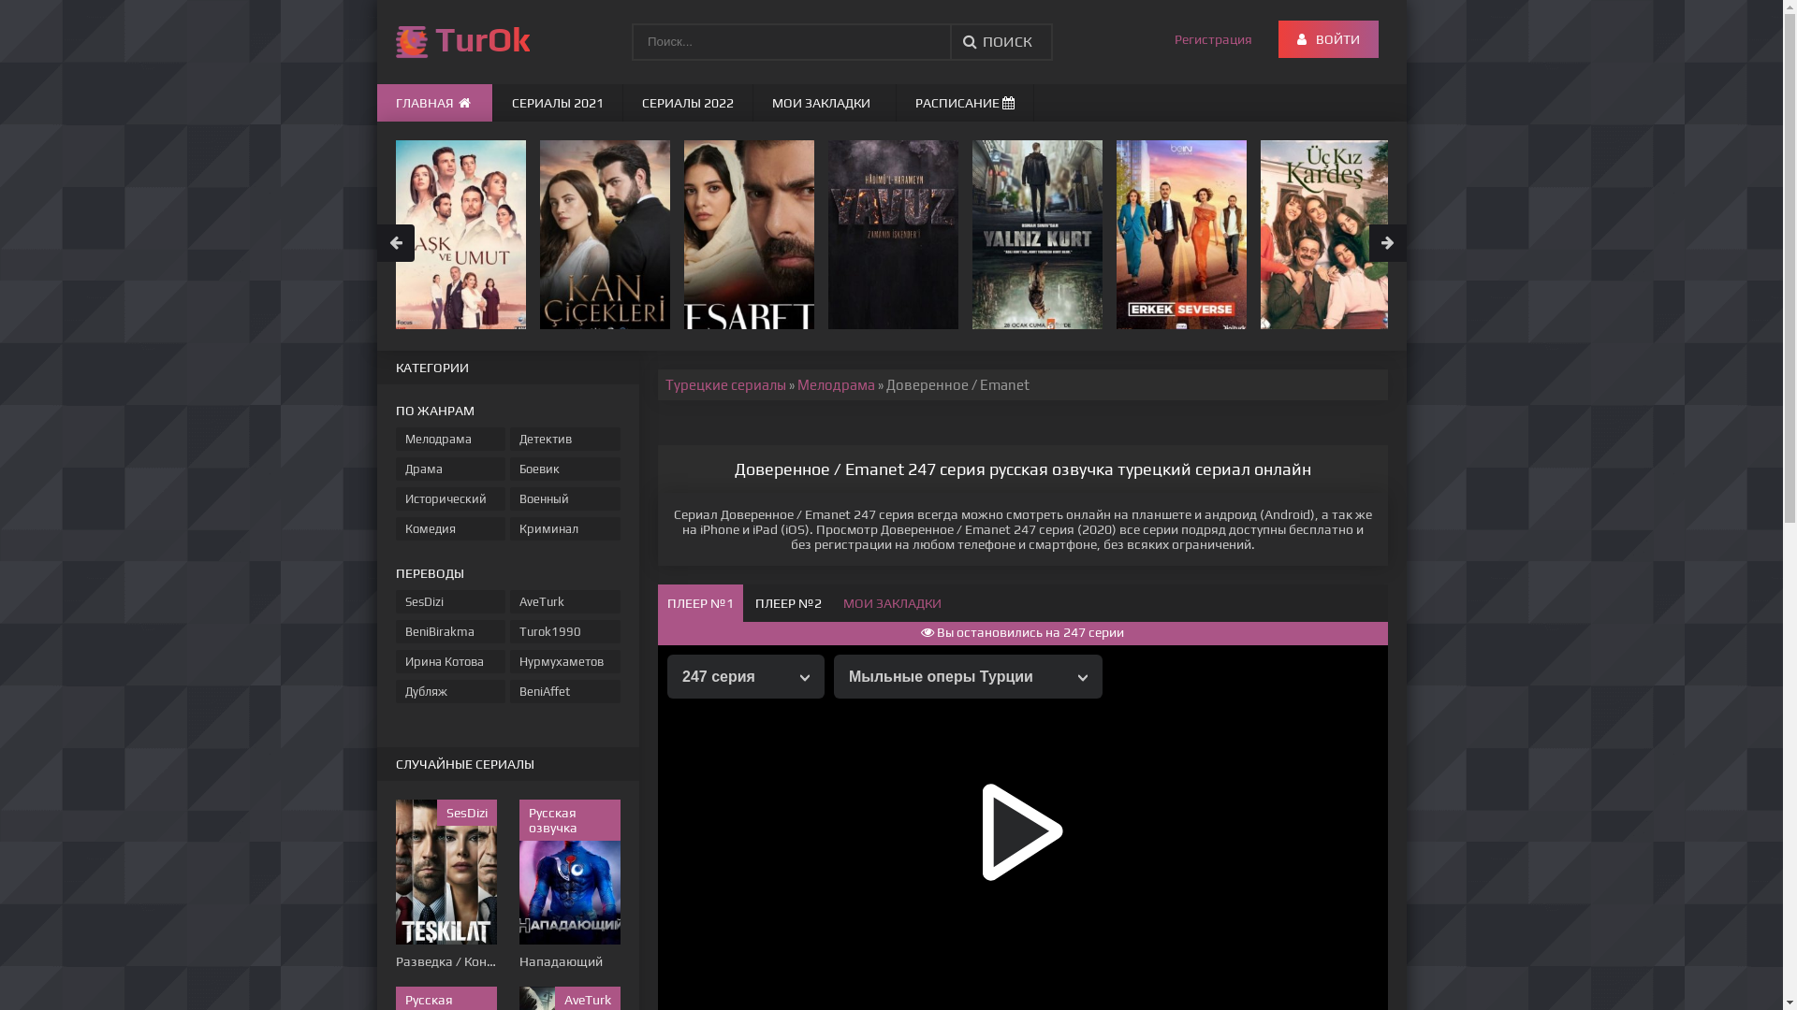 The height and width of the screenshot is (1010, 1797). What do you see at coordinates (564, 601) in the screenshot?
I see `'AveTurk'` at bounding box center [564, 601].